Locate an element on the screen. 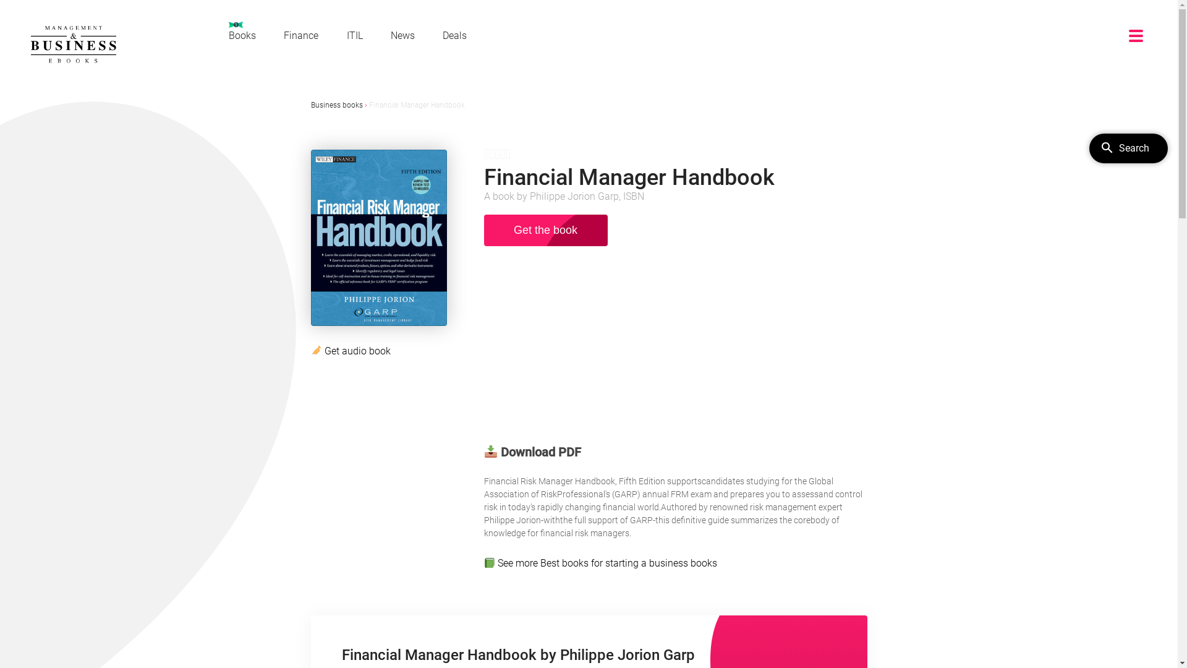 This screenshot has width=1187, height=668. 'Best books for starting a business books' is located at coordinates (629, 563).